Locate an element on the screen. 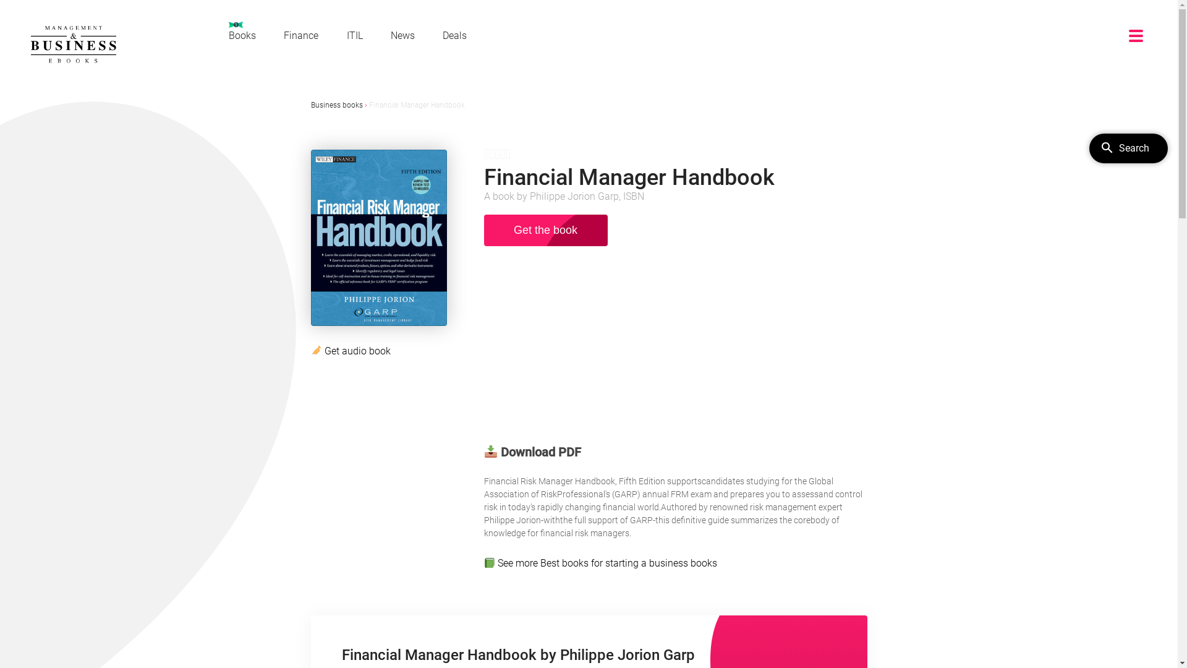 This screenshot has width=1187, height=668. 'Best books for starting a business books' is located at coordinates (629, 563).